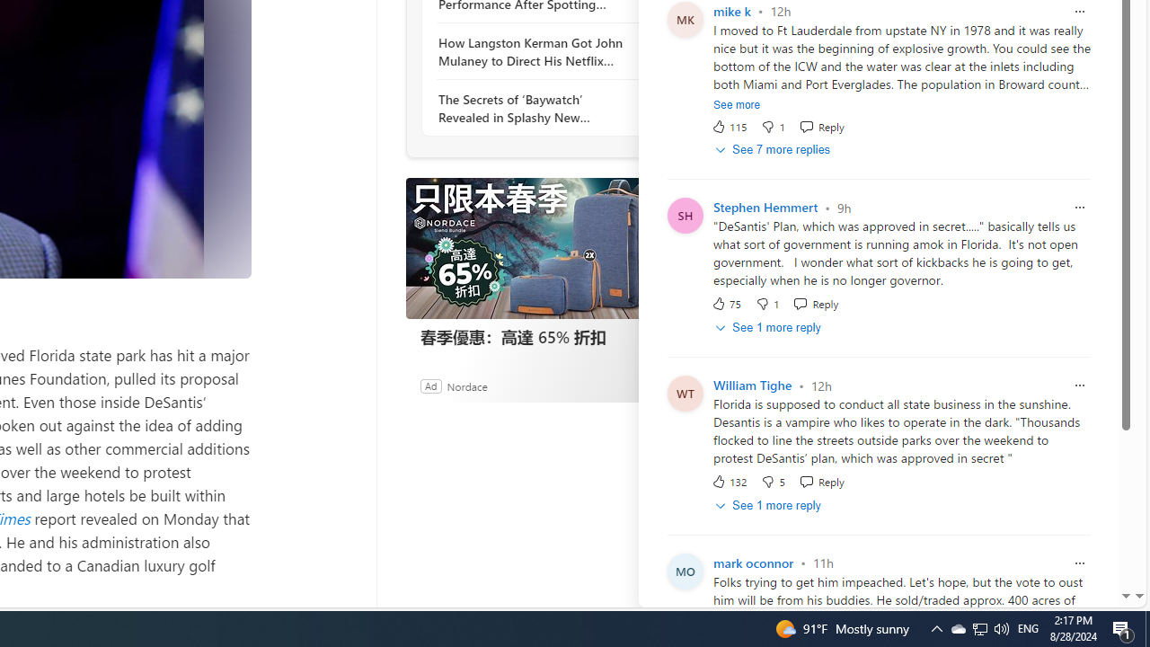  I want to click on 'Stephen Hemmert', so click(765, 207).